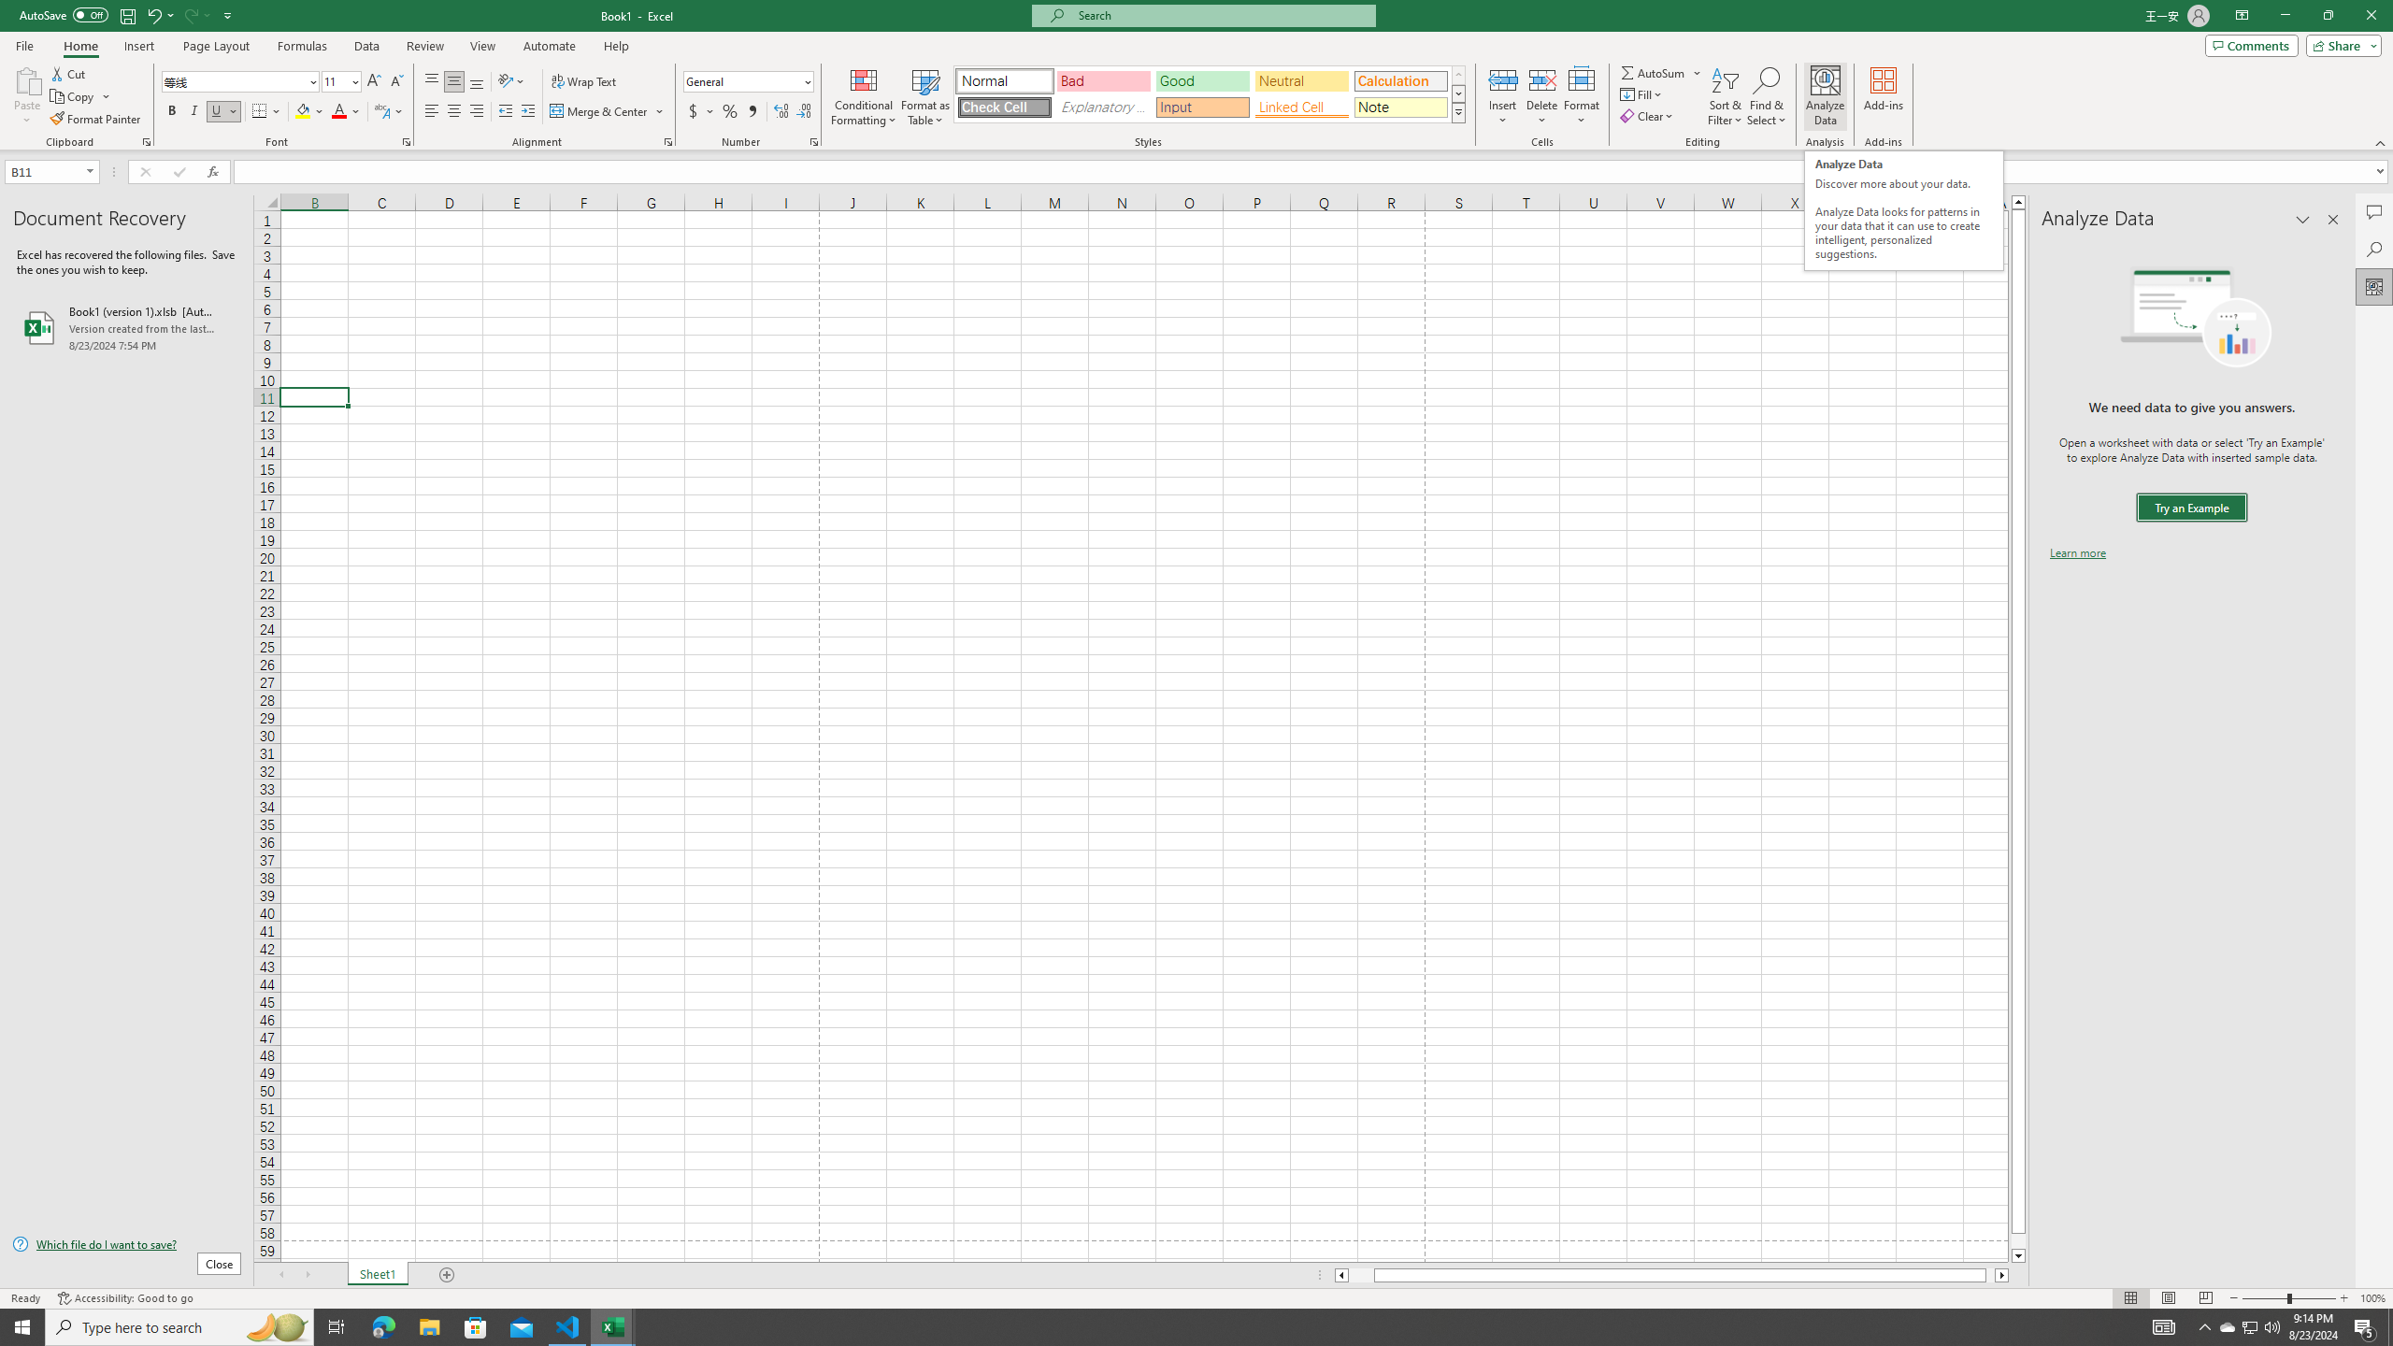  What do you see at coordinates (194, 14) in the screenshot?
I see `'Redo'` at bounding box center [194, 14].